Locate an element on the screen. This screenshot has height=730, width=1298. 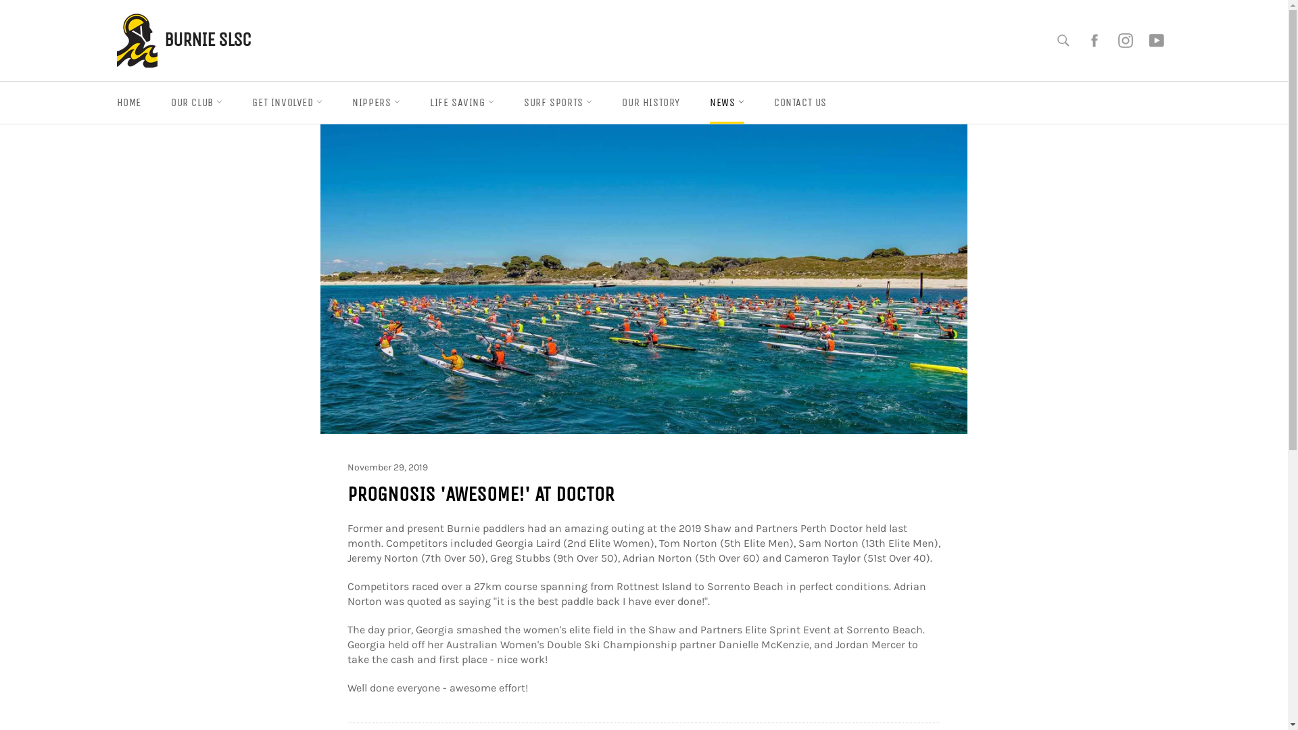
'LIFE SAVING' is located at coordinates (462, 101).